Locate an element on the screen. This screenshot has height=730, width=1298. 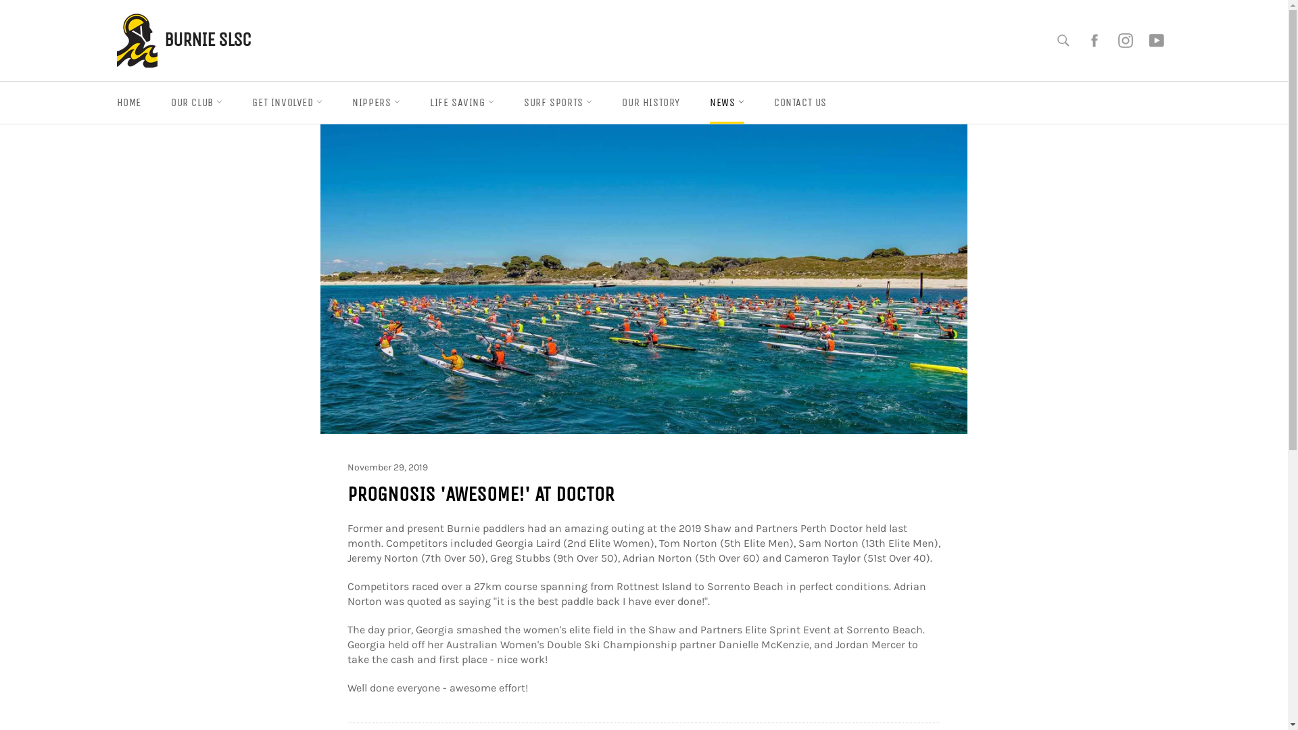
'LIFE SAVING' is located at coordinates (462, 101).